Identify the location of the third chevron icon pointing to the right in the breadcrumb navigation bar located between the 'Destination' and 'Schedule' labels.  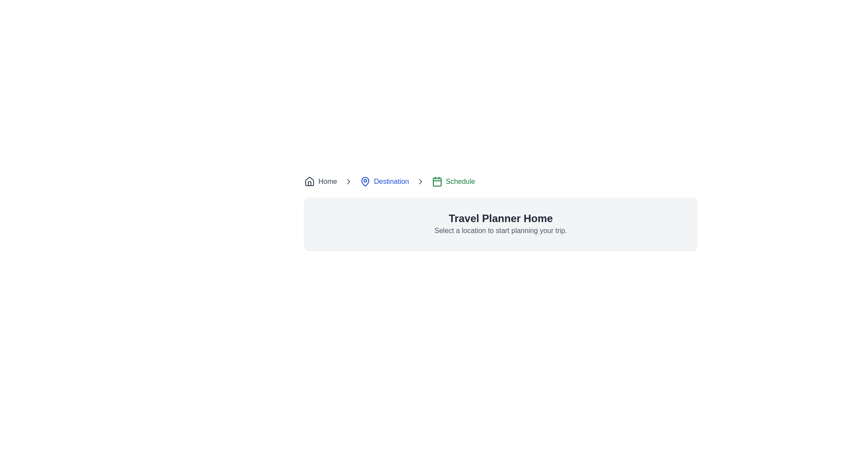
(420, 181).